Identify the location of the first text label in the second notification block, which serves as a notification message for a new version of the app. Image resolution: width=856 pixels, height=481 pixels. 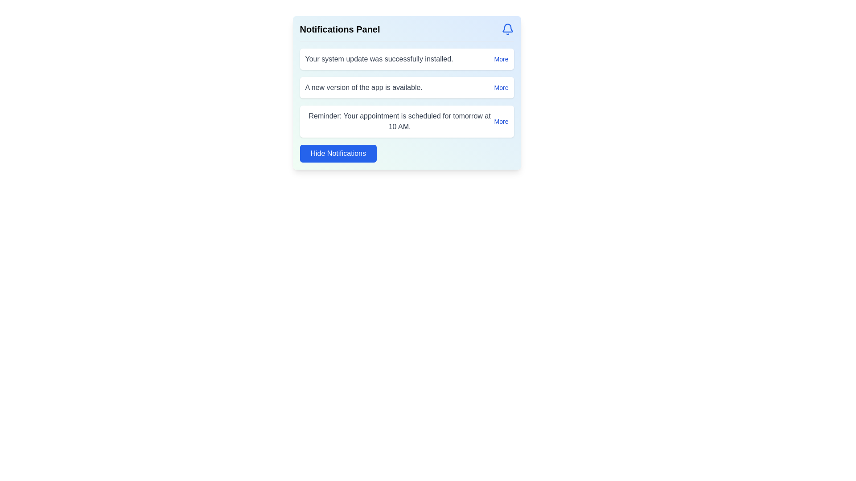
(364, 87).